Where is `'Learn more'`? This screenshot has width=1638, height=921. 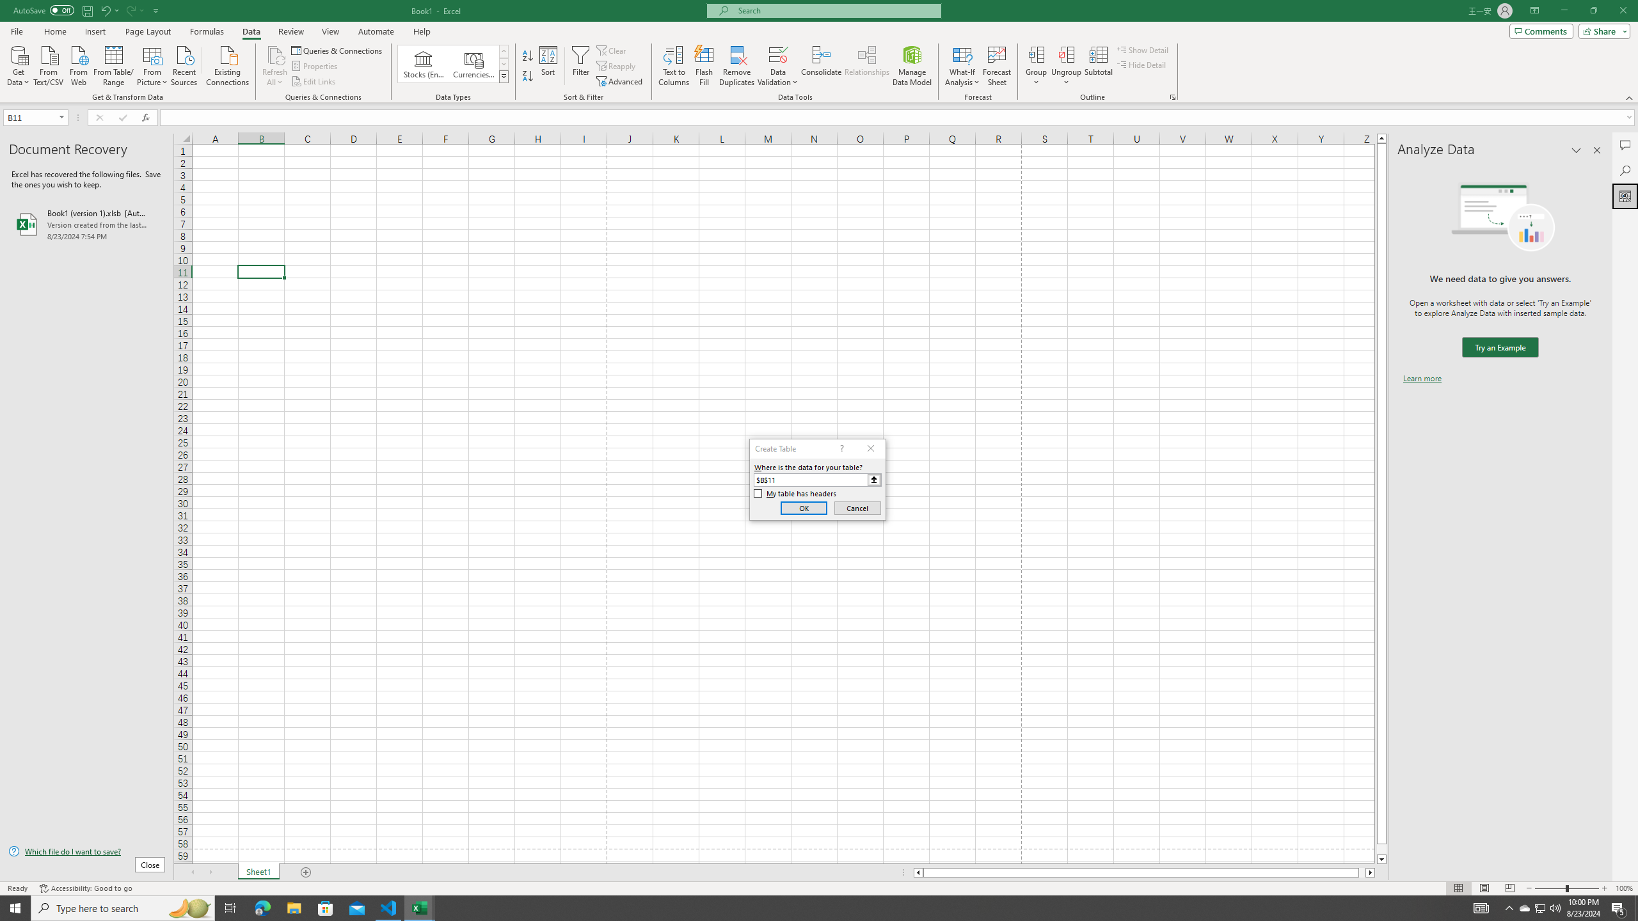 'Learn more' is located at coordinates (1422, 377).